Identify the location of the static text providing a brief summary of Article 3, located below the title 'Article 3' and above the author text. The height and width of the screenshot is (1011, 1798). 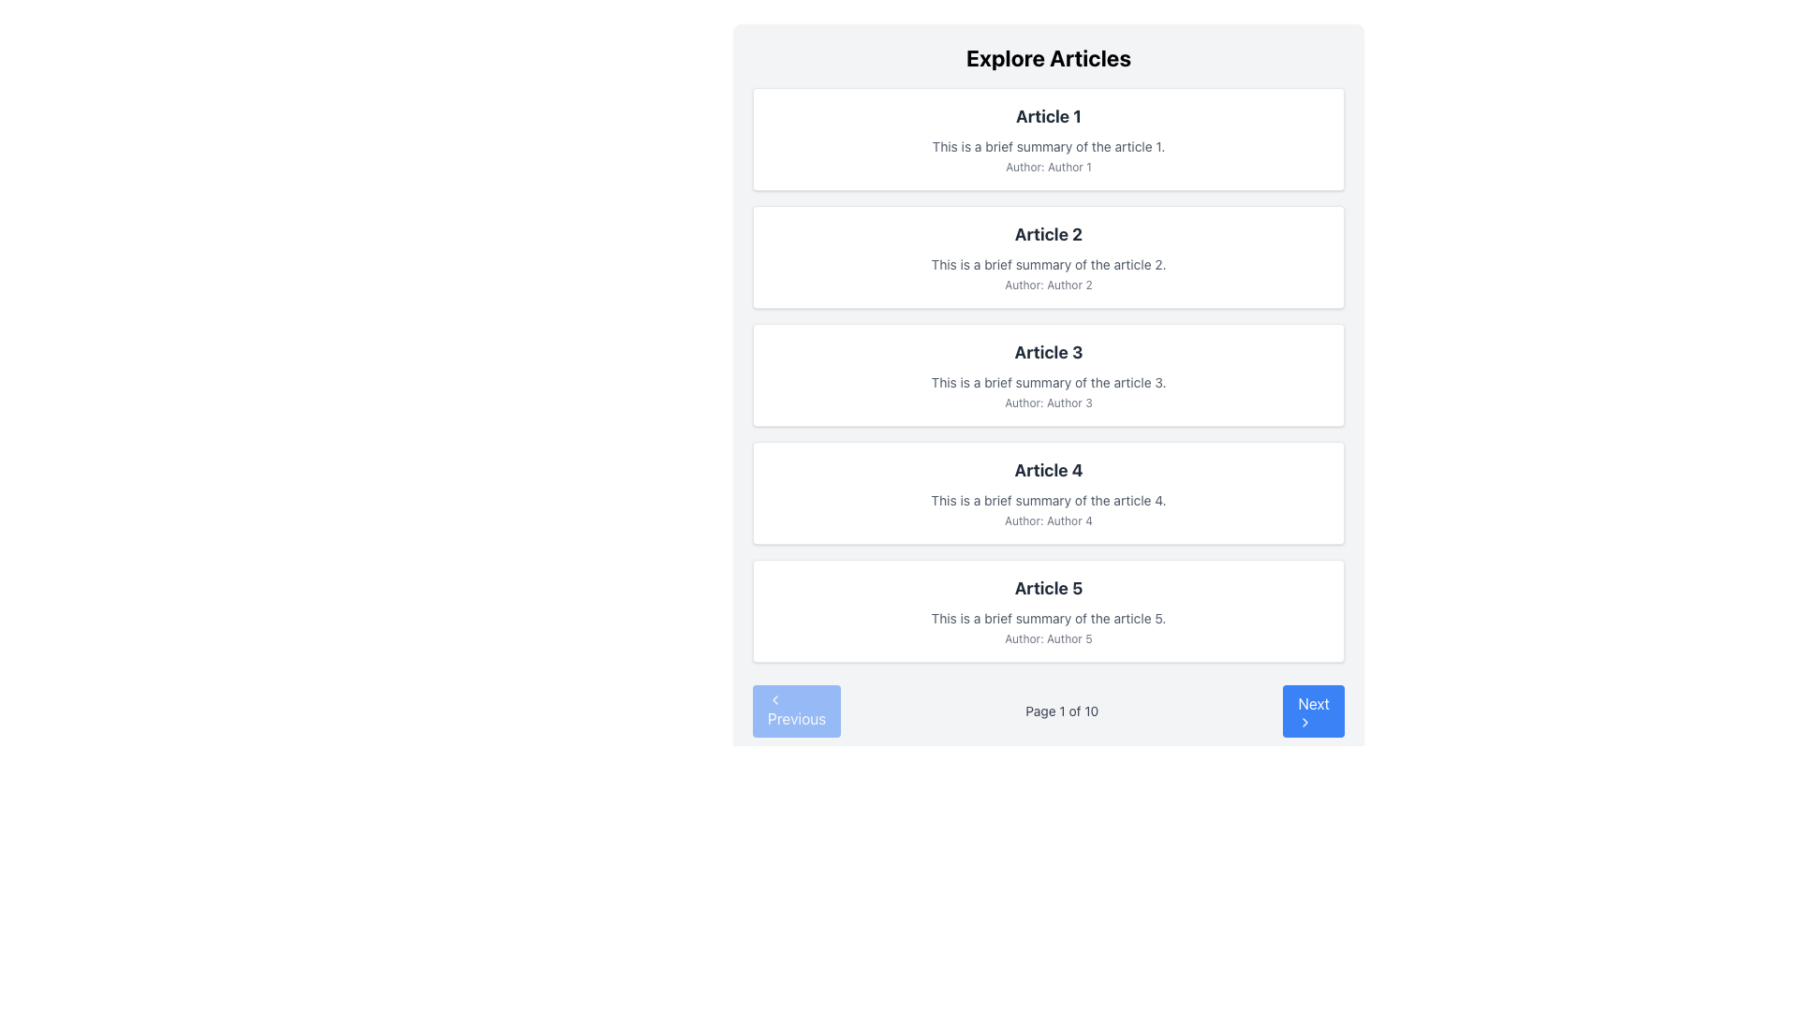
(1047, 381).